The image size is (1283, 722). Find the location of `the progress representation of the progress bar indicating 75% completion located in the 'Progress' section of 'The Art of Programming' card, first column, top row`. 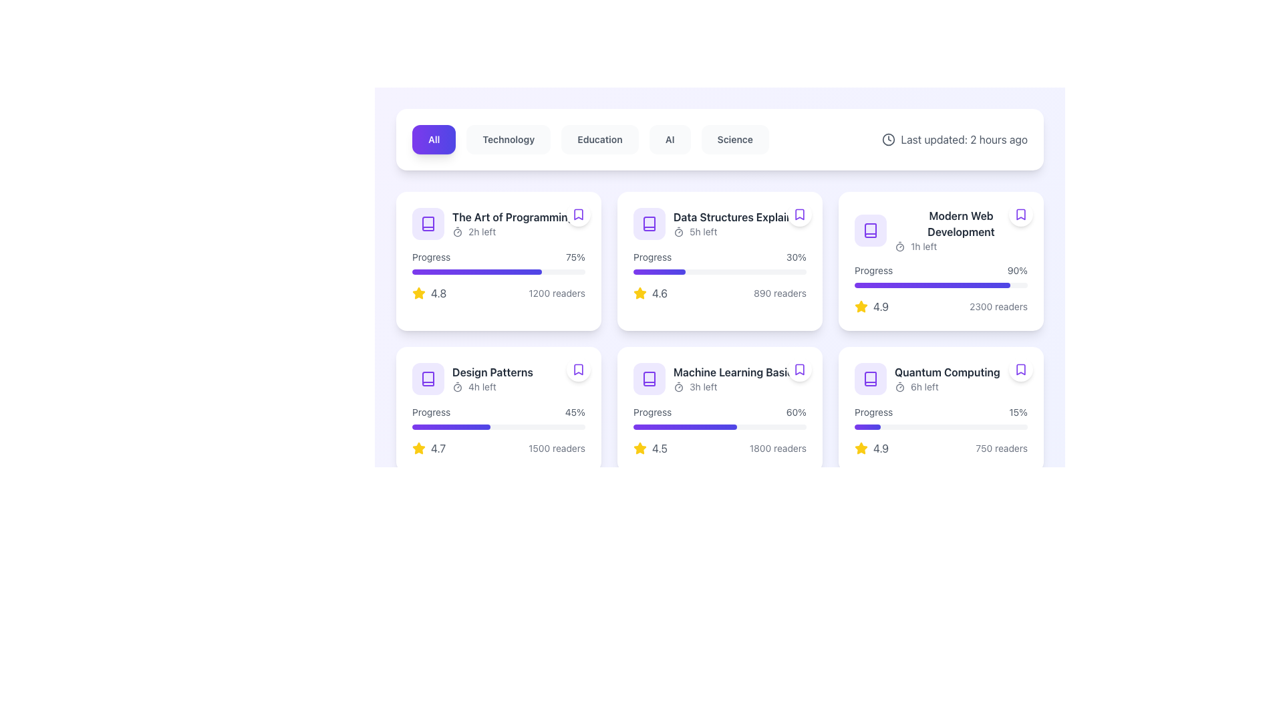

the progress representation of the progress bar indicating 75% completion located in the 'Progress' section of 'The Art of Programming' card, first column, top row is located at coordinates (477, 271).